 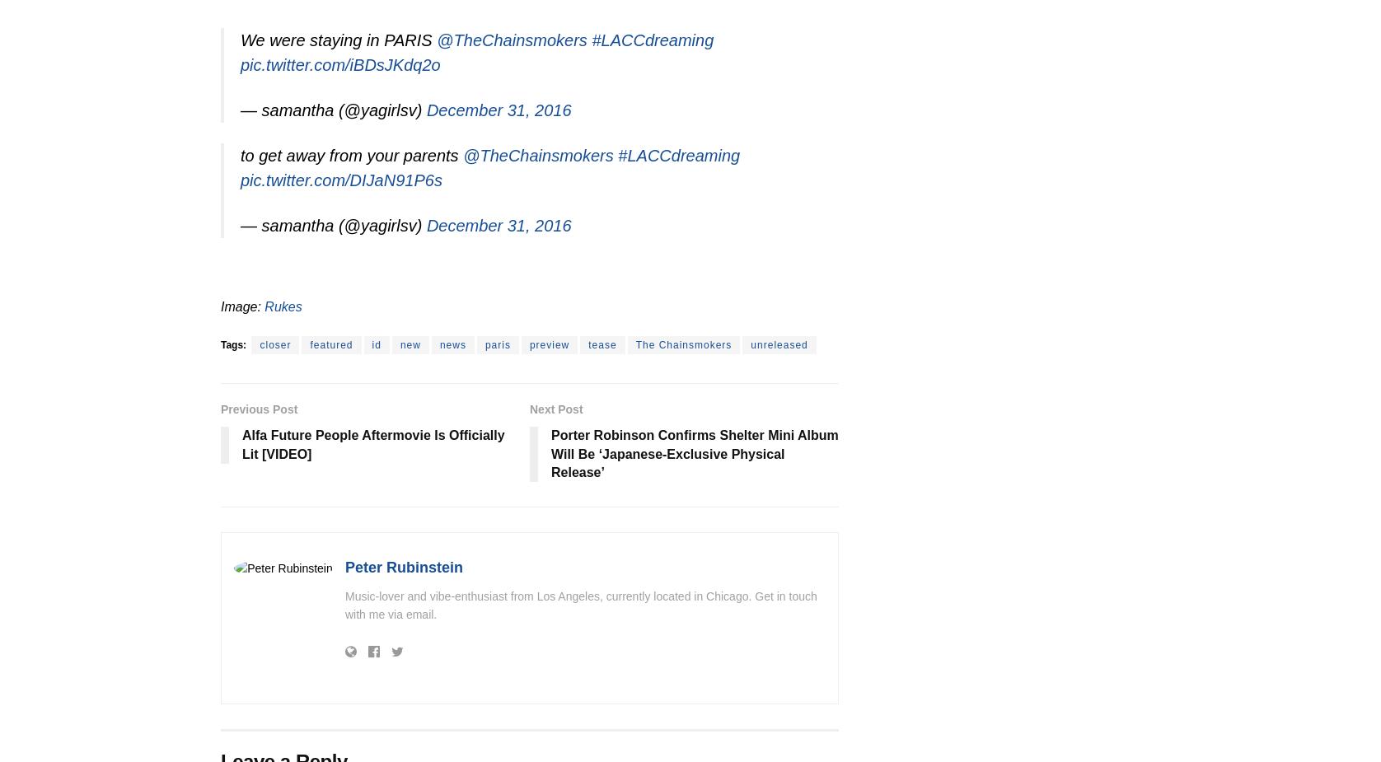 I want to click on 'Music-lover and vibe-enthusiast from Los Angeles, currently located in Chicago. Get in touch with me via email.', so click(x=579, y=605).